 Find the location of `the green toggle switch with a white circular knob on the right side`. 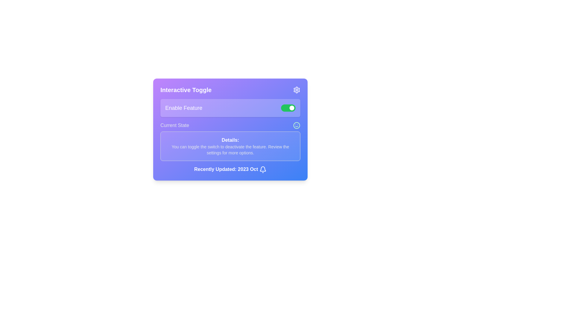

the green toggle switch with a white circular knob on the right side is located at coordinates (288, 107).